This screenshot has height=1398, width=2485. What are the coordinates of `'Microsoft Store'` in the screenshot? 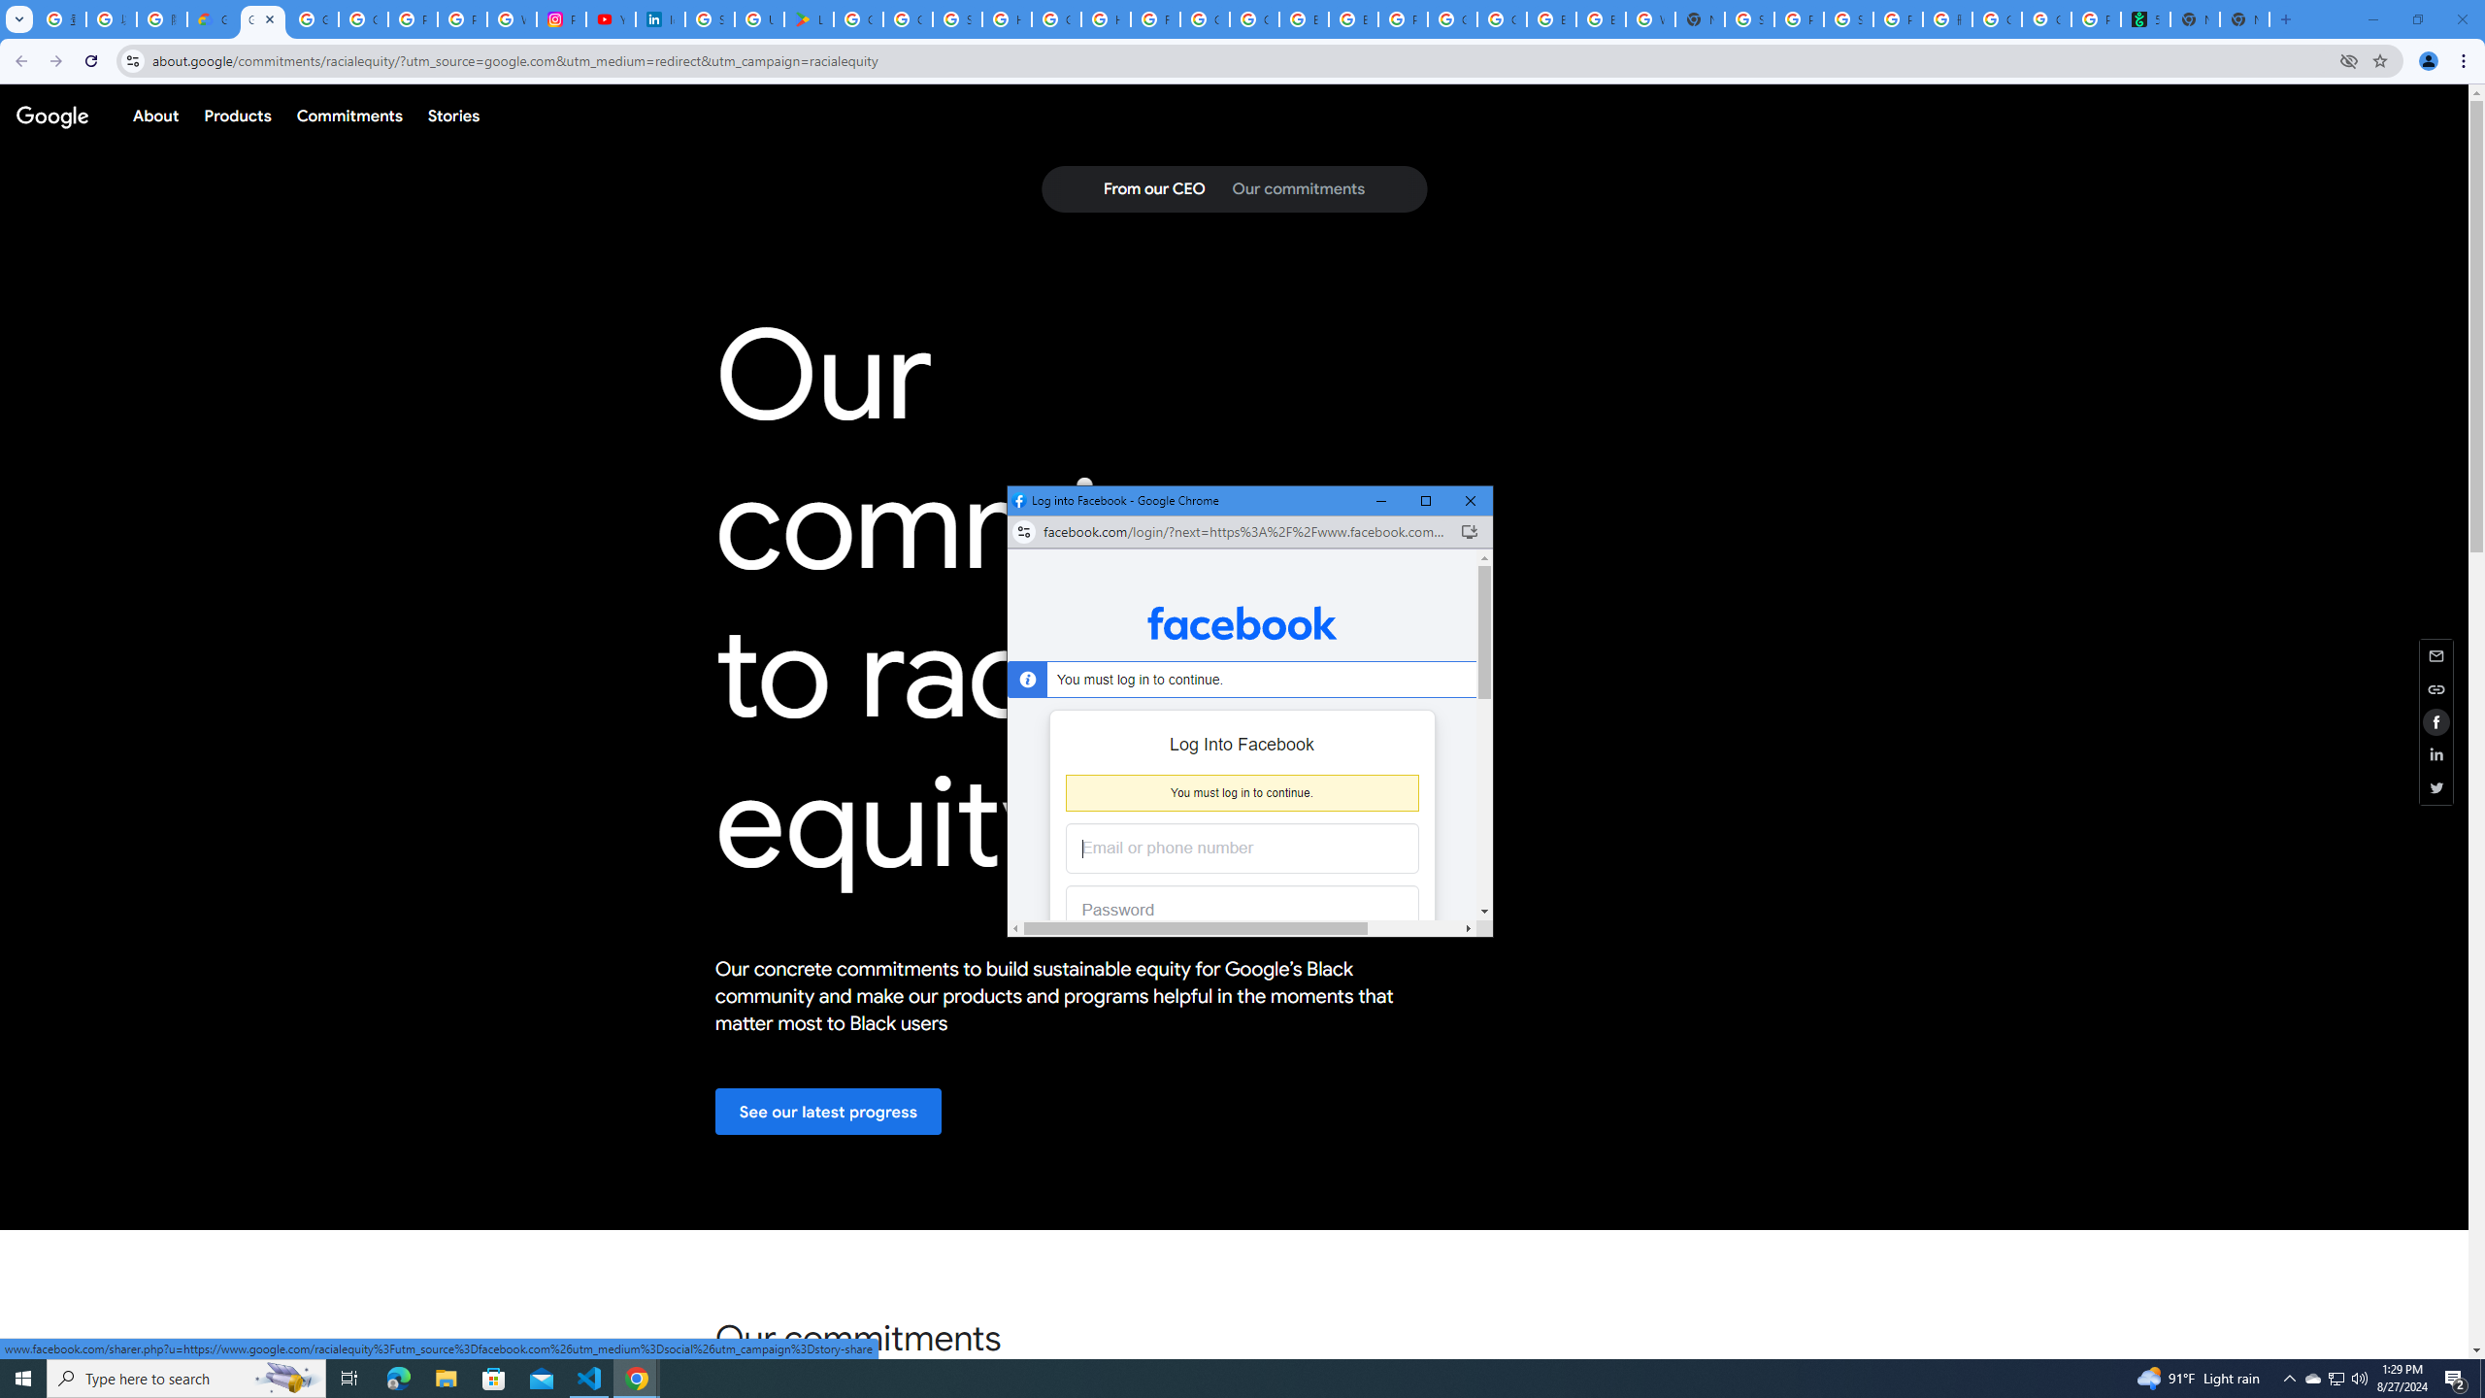 It's located at (494, 1377).